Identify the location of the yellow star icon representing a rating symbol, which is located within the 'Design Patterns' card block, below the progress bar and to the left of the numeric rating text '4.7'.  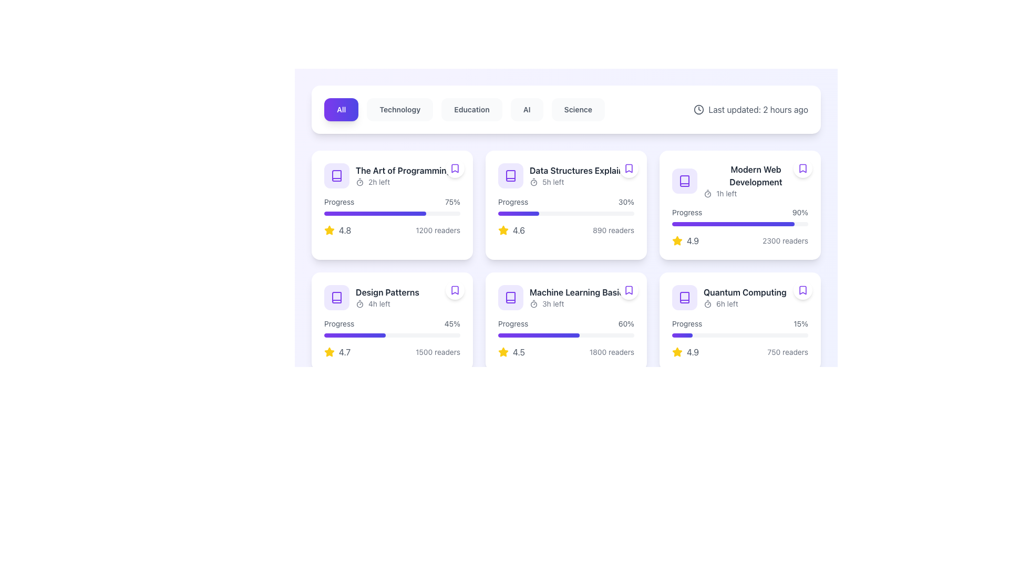
(329, 352).